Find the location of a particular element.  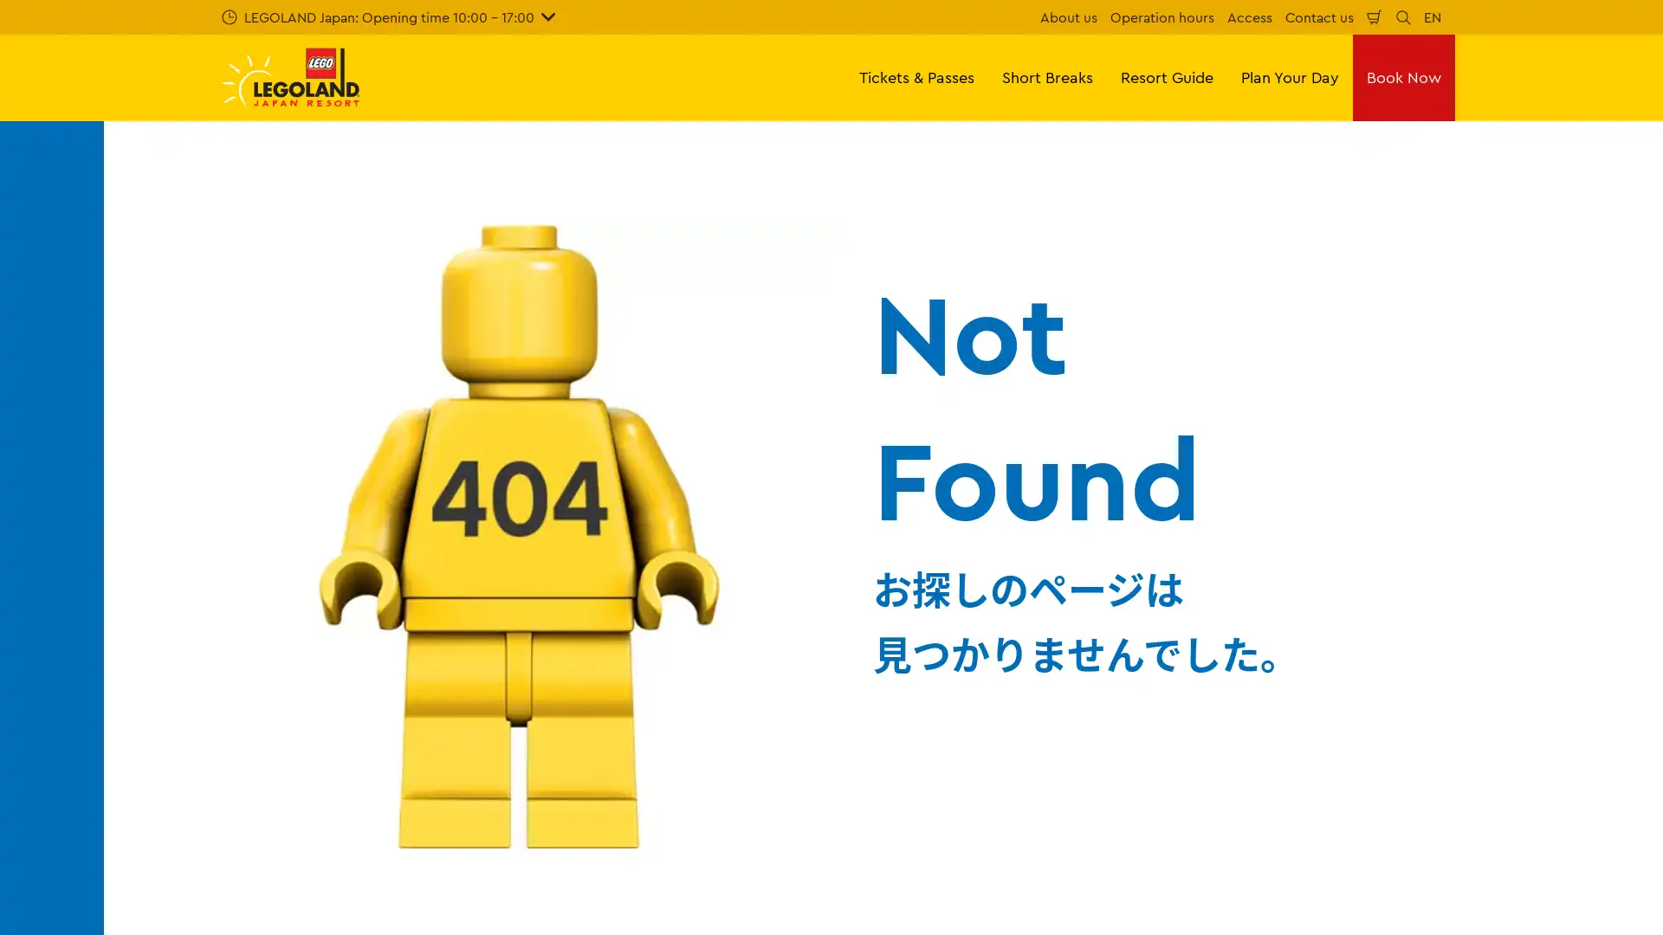

Book Now is located at coordinates (1404, 76).